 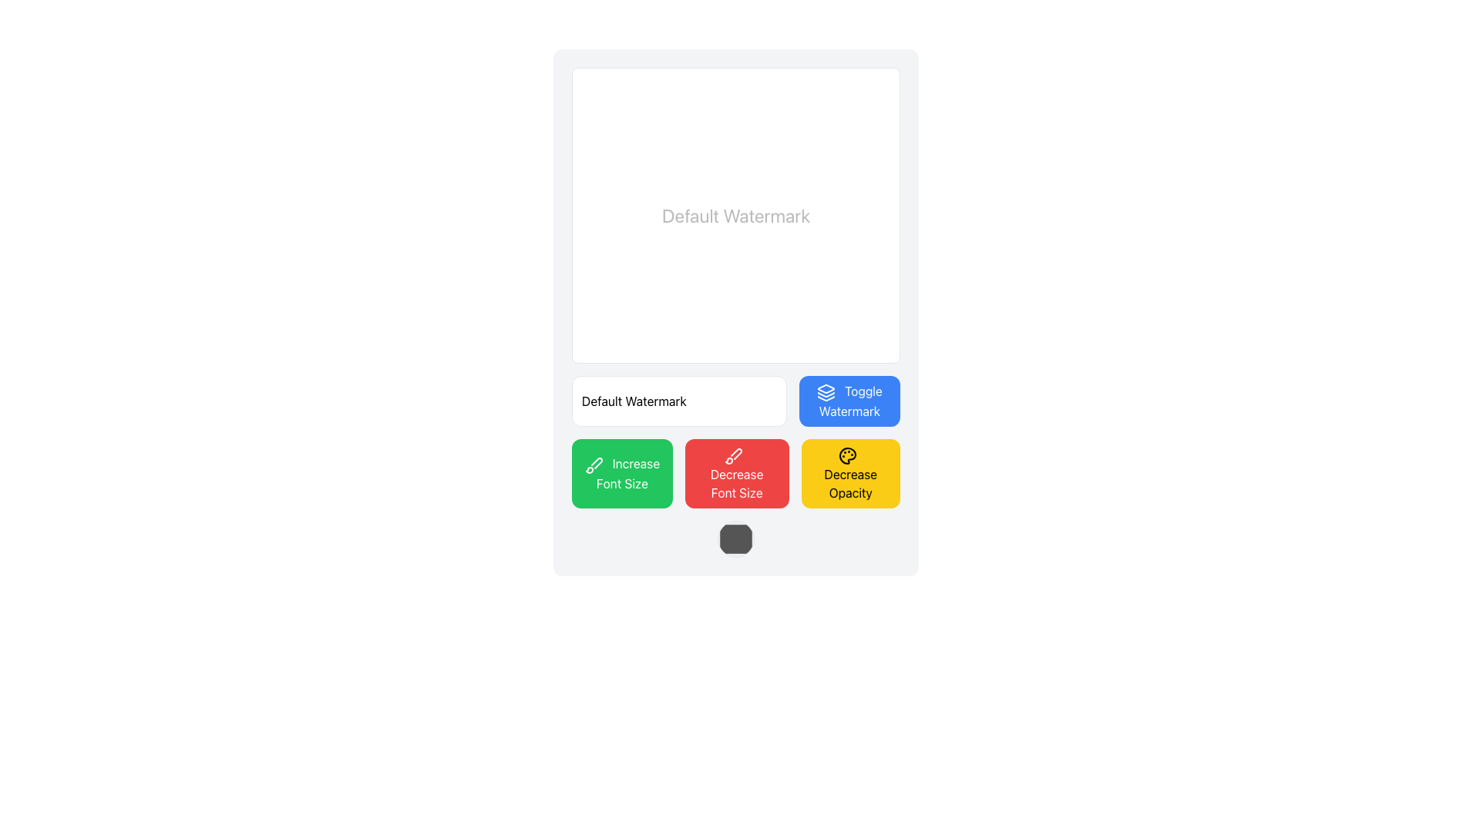 What do you see at coordinates (849, 400) in the screenshot?
I see `the 'Toggle Watermark' button, which has a light blue background and white text, to trigger the hover effect` at bounding box center [849, 400].